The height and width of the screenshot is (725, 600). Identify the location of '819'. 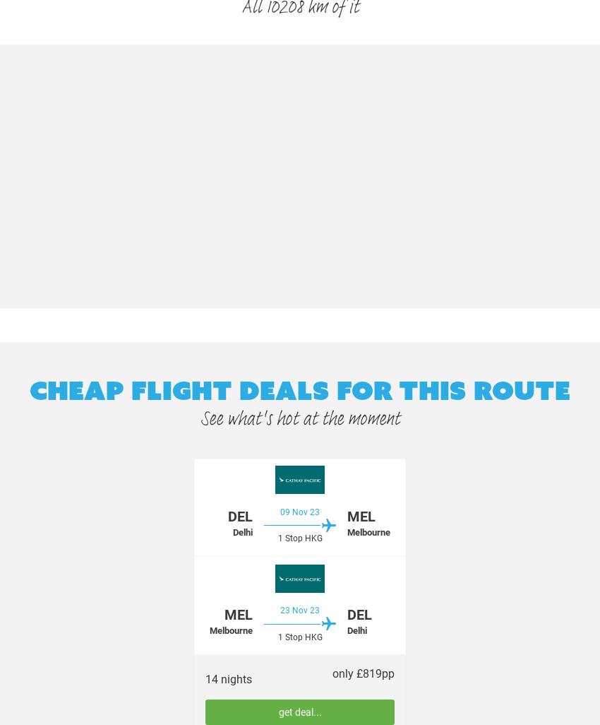
(371, 673).